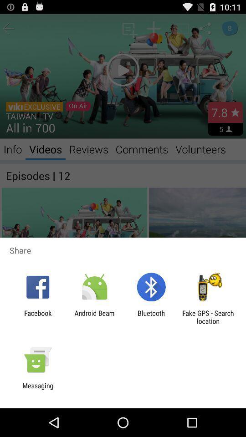  What do you see at coordinates (208, 317) in the screenshot?
I see `fake gps search icon` at bounding box center [208, 317].